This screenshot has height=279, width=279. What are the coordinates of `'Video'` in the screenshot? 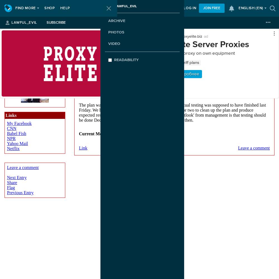 It's located at (114, 44).